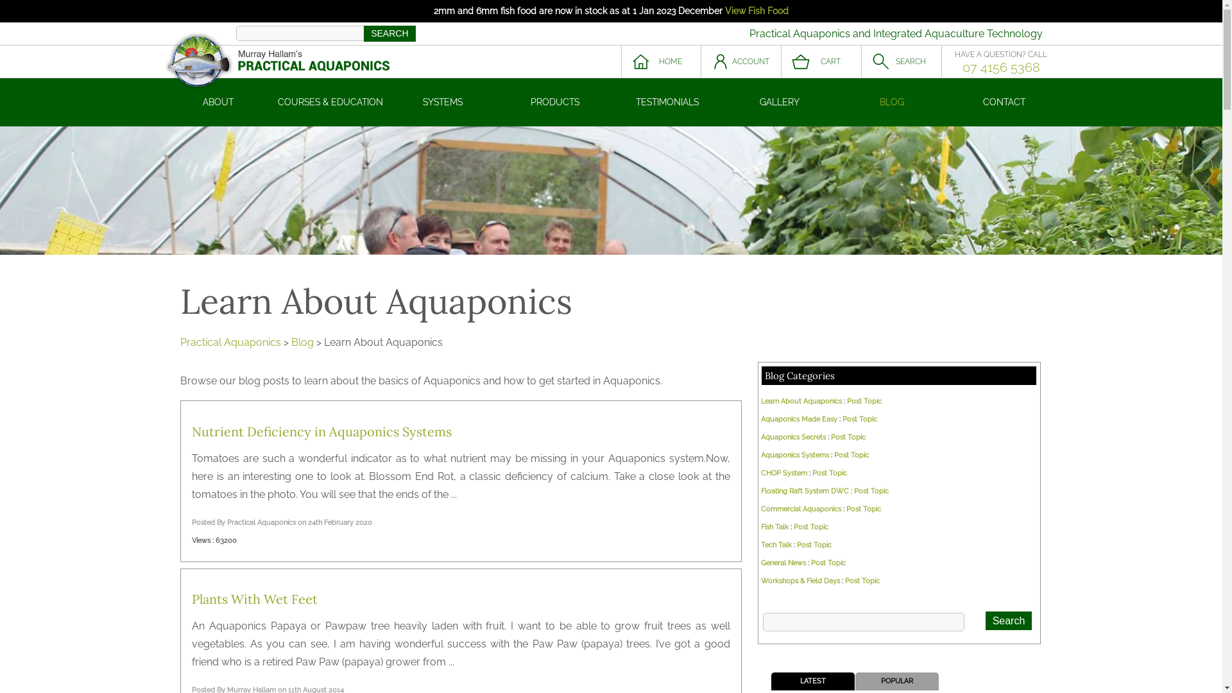 The height and width of the screenshot is (693, 1232). What do you see at coordinates (812, 680) in the screenshot?
I see `'LATEST'` at bounding box center [812, 680].